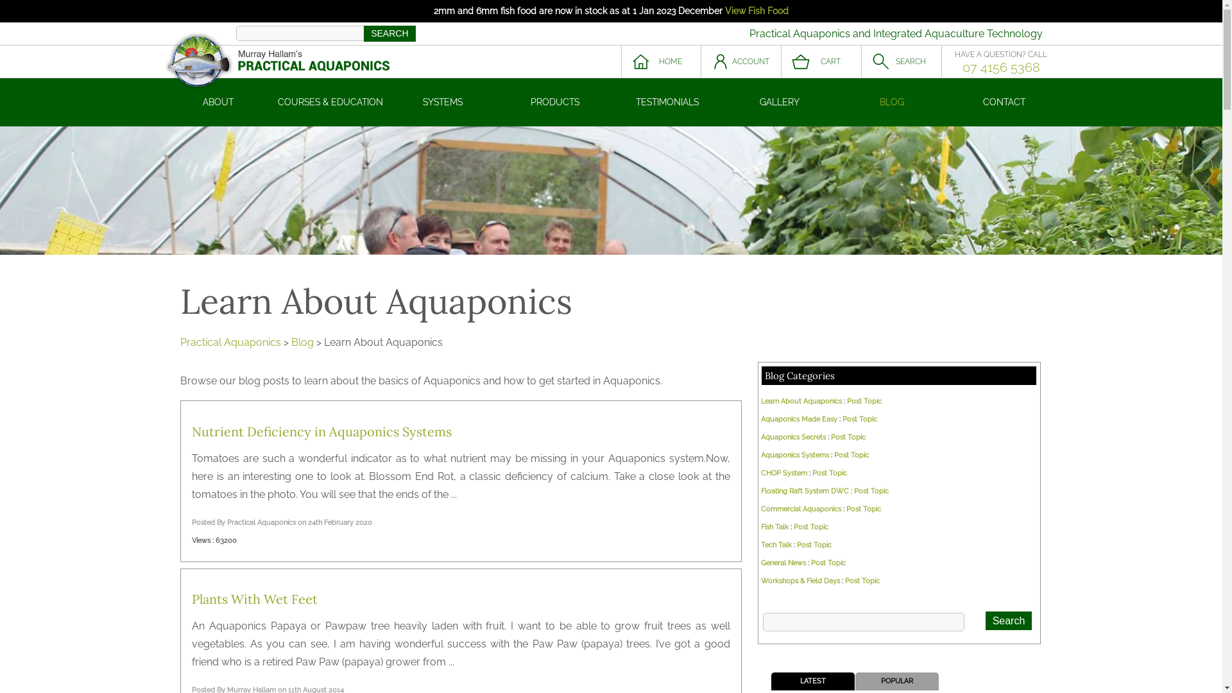 The height and width of the screenshot is (693, 1232). What do you see at coordinates (812, 680) in the screenshot?
I see `'LATEST'` at bounding box center [812, 680].